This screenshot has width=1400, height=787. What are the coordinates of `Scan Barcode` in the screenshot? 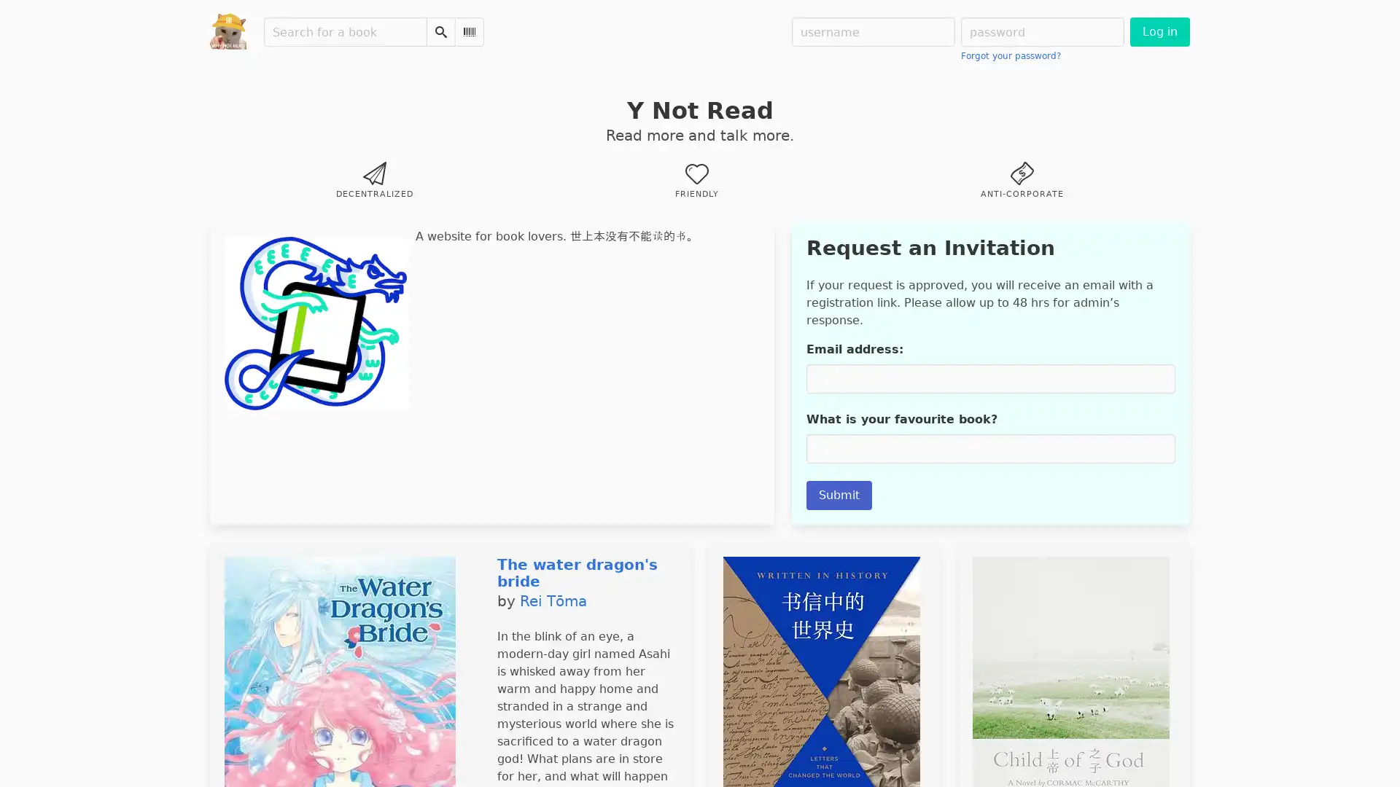 It's located at (469, 31).